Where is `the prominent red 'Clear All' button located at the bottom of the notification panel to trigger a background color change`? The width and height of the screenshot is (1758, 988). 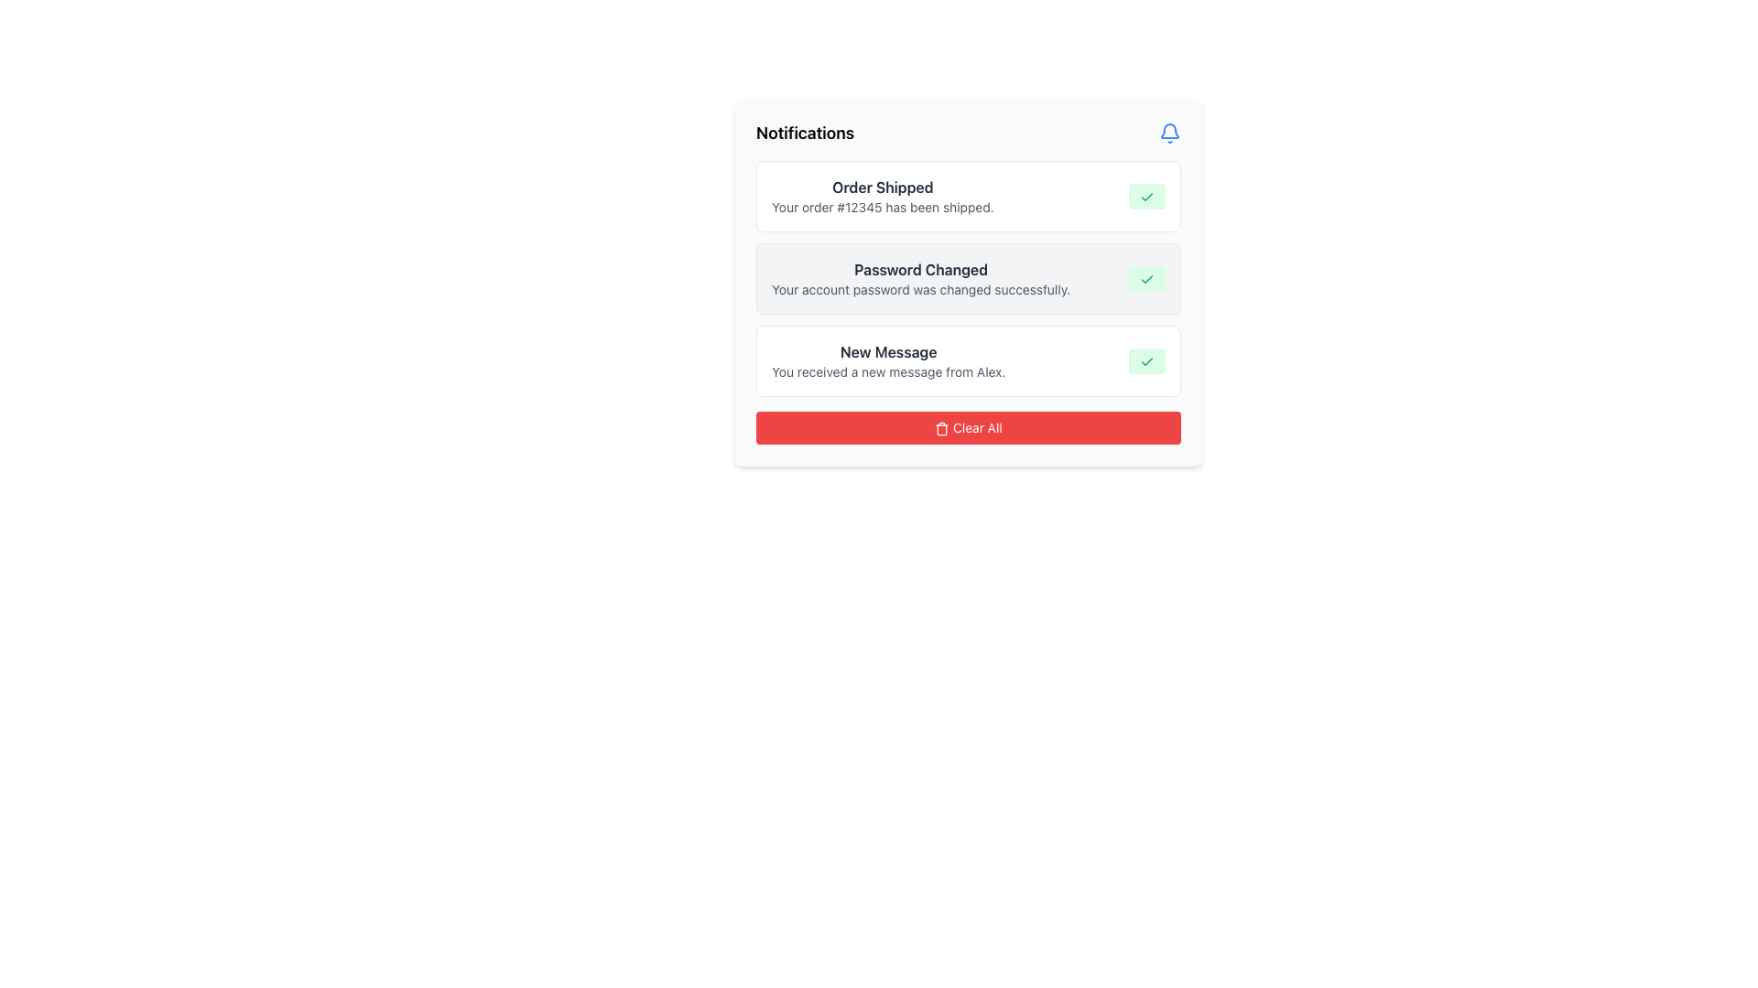 the prominent red 'Clear All' button located at the bottom of the notification panel to trigger a background color change is located at coordinates (967, 427).